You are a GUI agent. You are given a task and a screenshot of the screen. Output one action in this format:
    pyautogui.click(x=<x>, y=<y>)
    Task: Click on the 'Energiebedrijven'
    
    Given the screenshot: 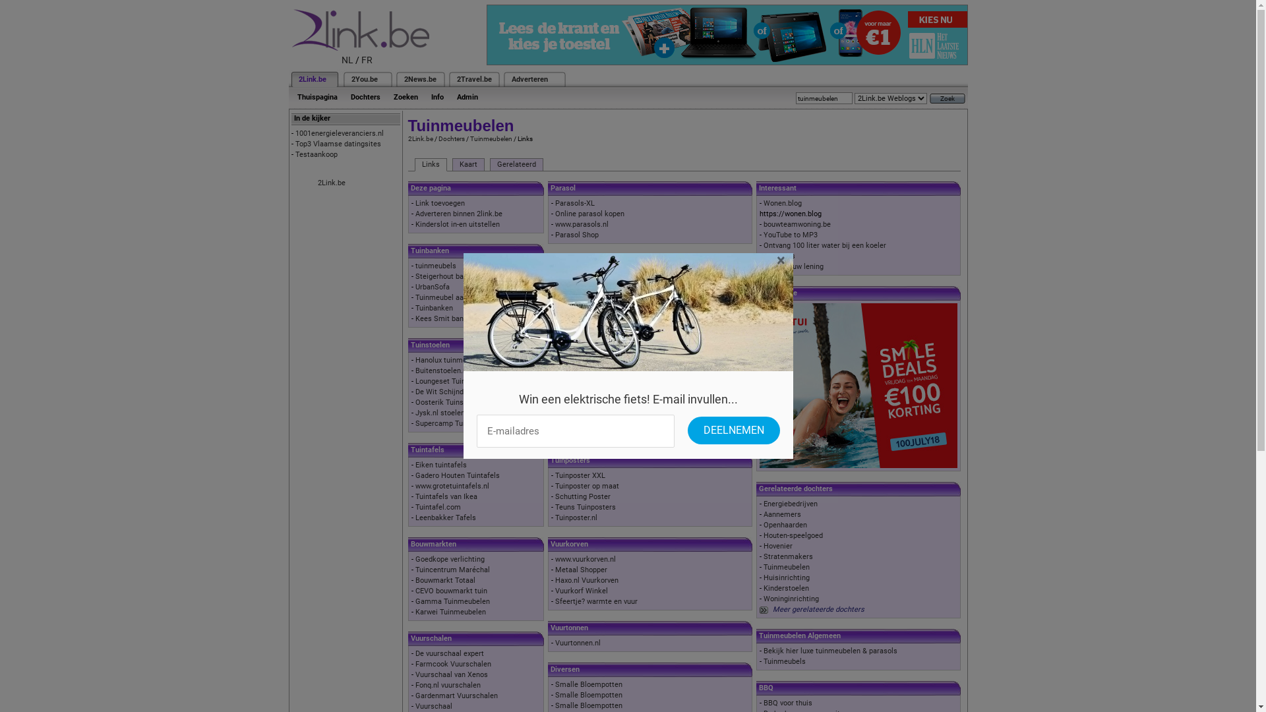 What is the action you would take?
    pyautogui.click(x=791, y=504)
    